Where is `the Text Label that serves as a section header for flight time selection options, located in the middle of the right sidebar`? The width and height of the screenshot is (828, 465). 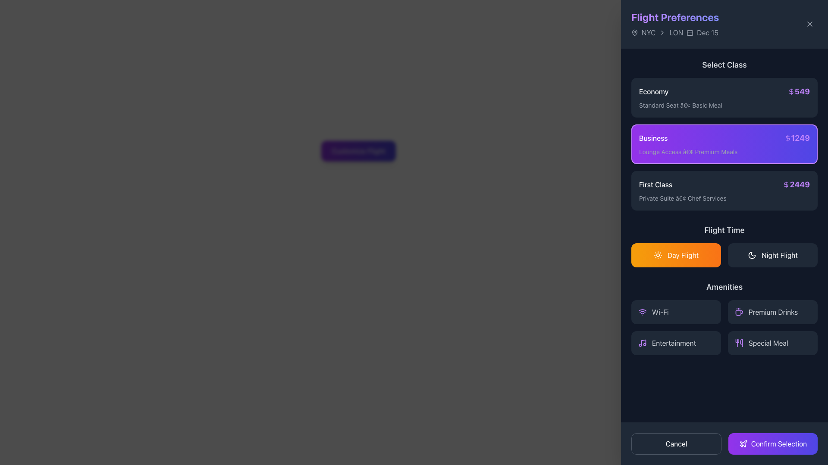
the Text Label that serves as a section header for flight time selection options, located in the middle of the right sidebar is located at coordinates (724, 230).